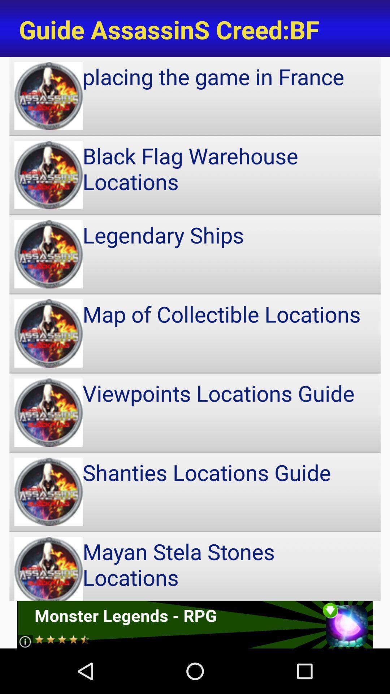 The width and height of the screenshot is (390, 694). Describe the element at coordinates (195, 175) in the screenshot. I see `the icon below placing the game item` at that location.